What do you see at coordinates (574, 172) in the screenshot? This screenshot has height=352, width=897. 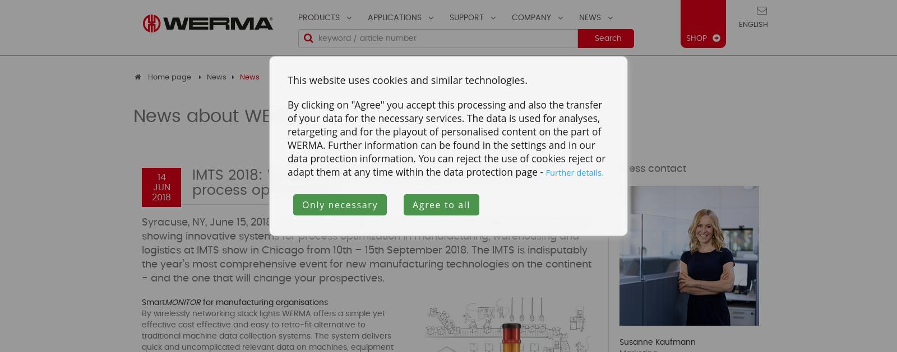 I see `'Further details.'` at bounding box center [574, 172].